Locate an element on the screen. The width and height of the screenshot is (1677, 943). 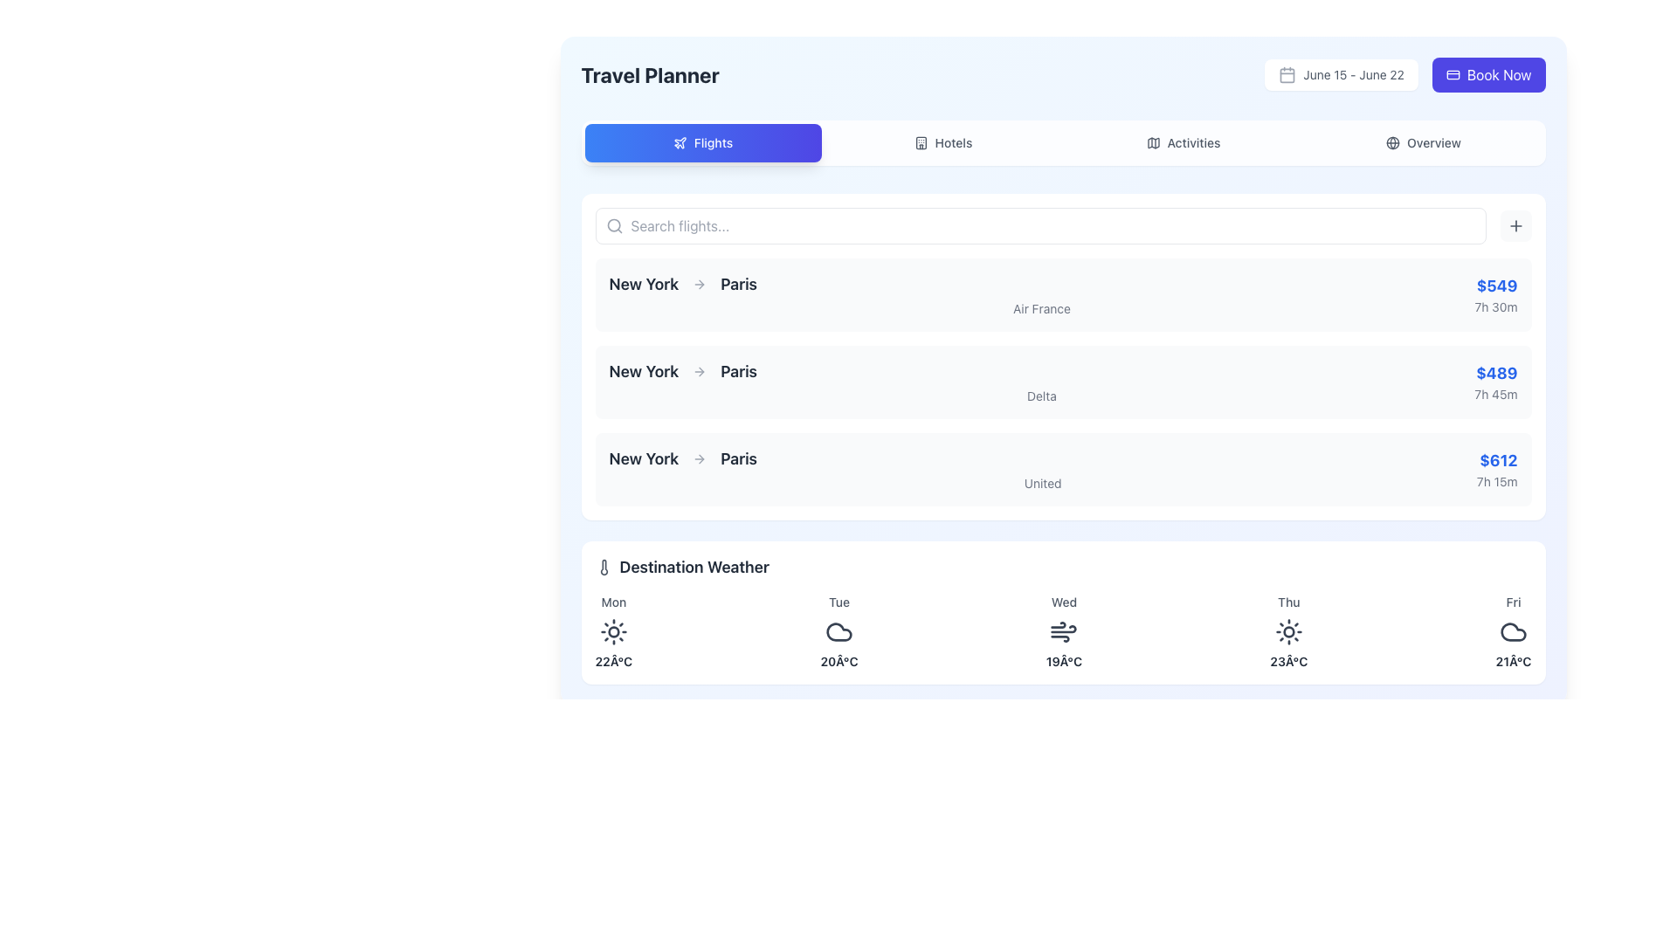
the weather information label for Friday, which is the last item in the horizontal row under 'Destination Weather.' is located at coordinates (1512, 632).